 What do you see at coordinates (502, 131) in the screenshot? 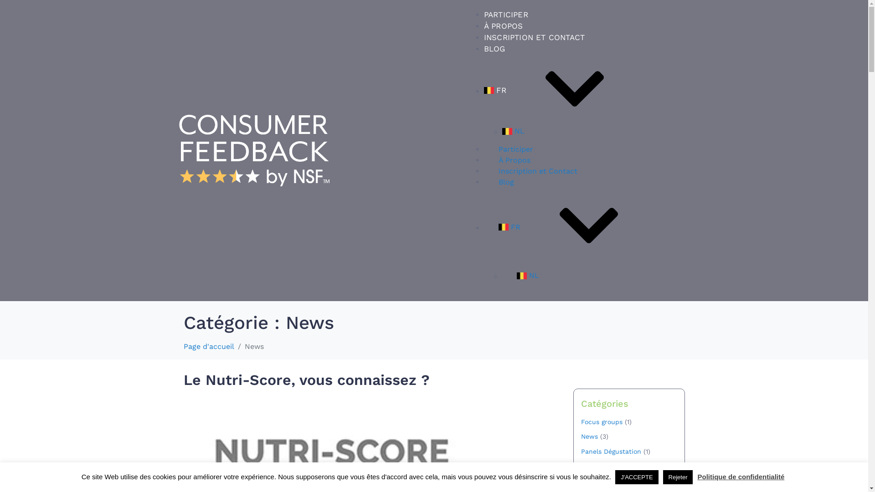
I see `'NL'` at bounding box center [502, 131].